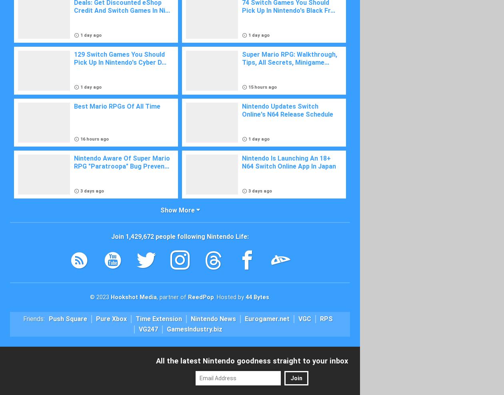  What do you see at coordinates (287, 110) in the screenshot?
I see `'Nintendo Updates Switch Online's N64 Release Schedule'` at bounding box center [287, 110].